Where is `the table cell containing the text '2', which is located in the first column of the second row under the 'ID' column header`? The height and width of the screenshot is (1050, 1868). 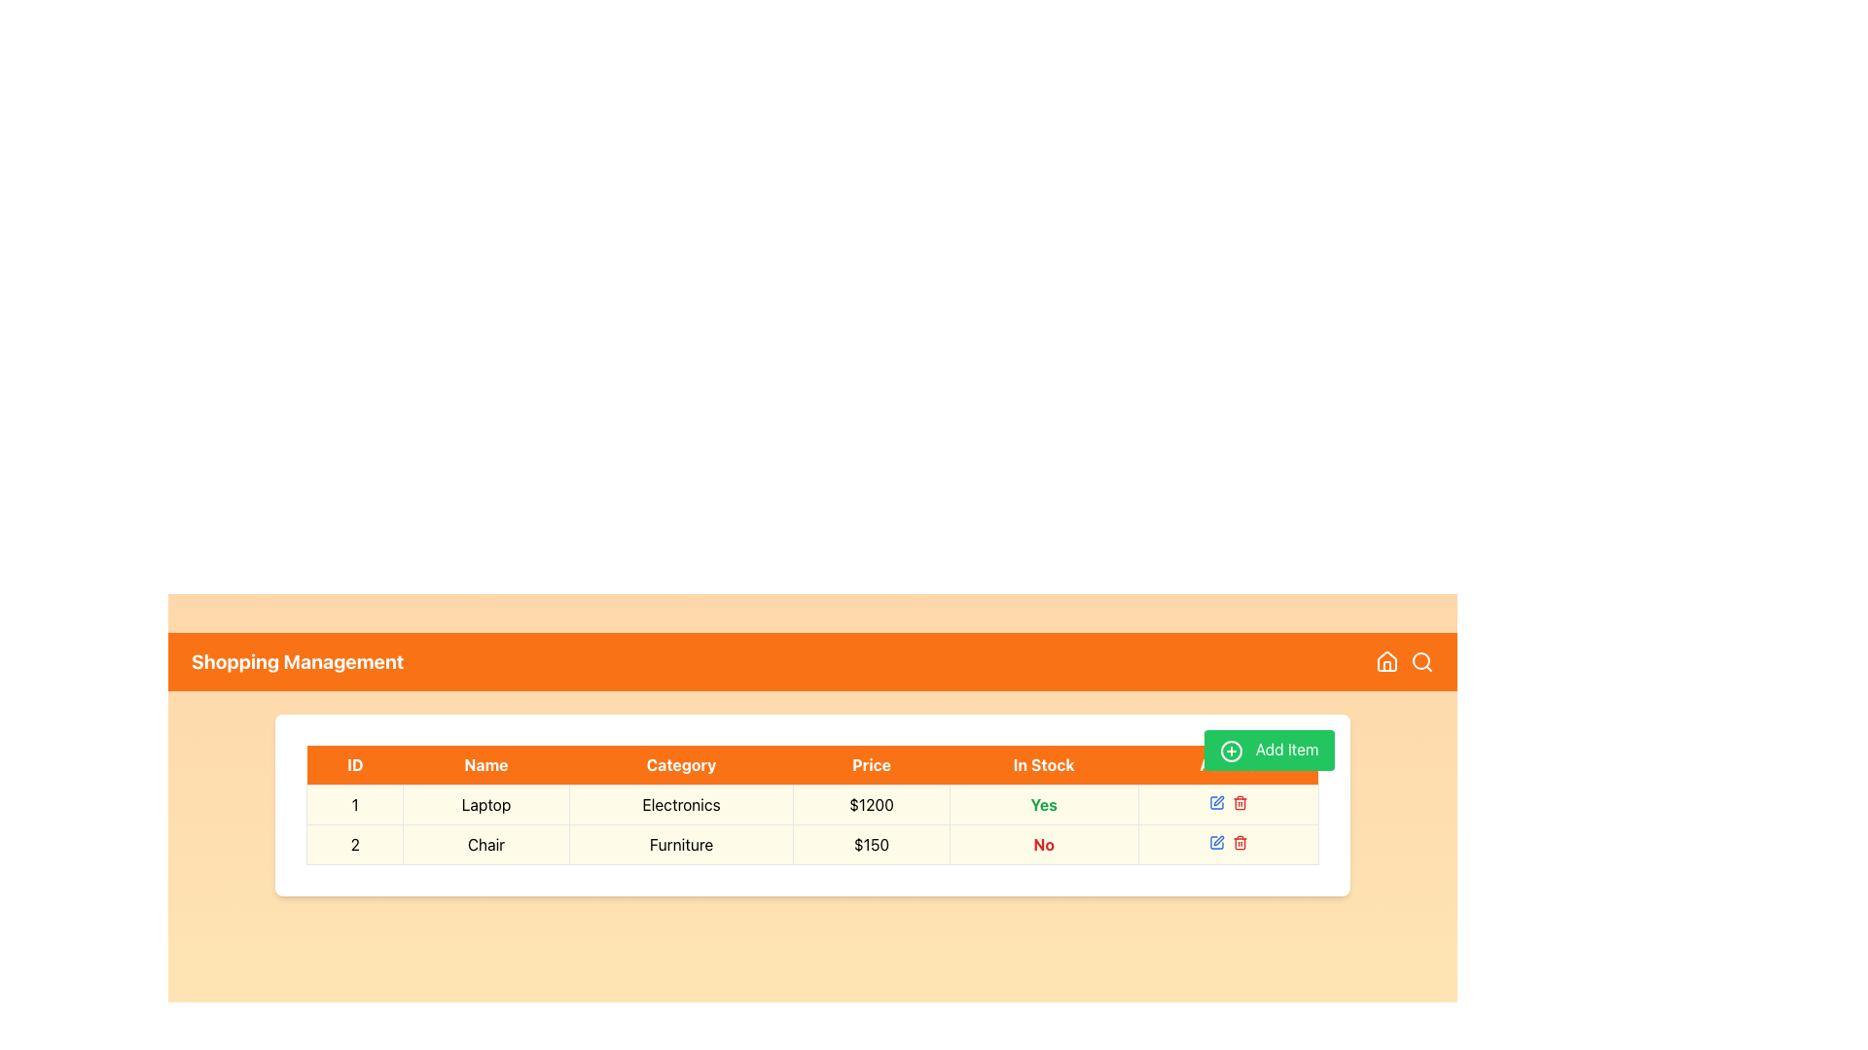 the table cell containing the text '2', which is located in the first column of the second row under the 'ID' column header is located at coordinates (355, 843).